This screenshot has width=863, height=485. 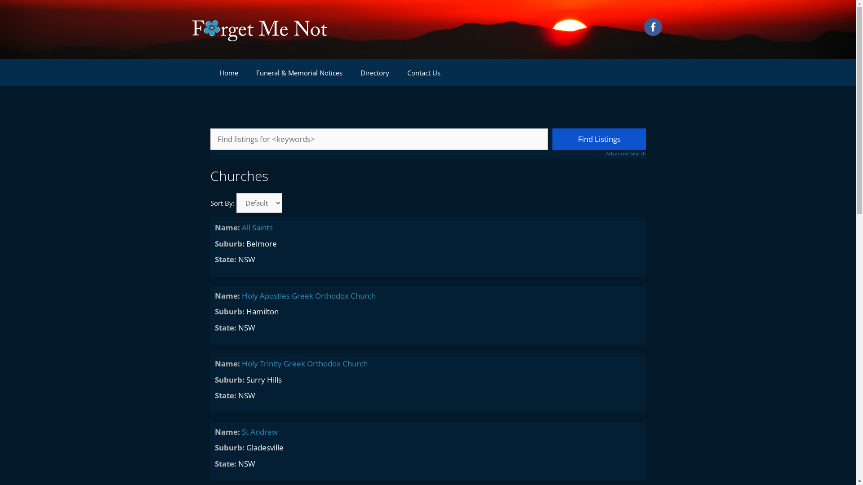 I want to click on 'Forget-me-not.com.au', so click(x=259, y=28).